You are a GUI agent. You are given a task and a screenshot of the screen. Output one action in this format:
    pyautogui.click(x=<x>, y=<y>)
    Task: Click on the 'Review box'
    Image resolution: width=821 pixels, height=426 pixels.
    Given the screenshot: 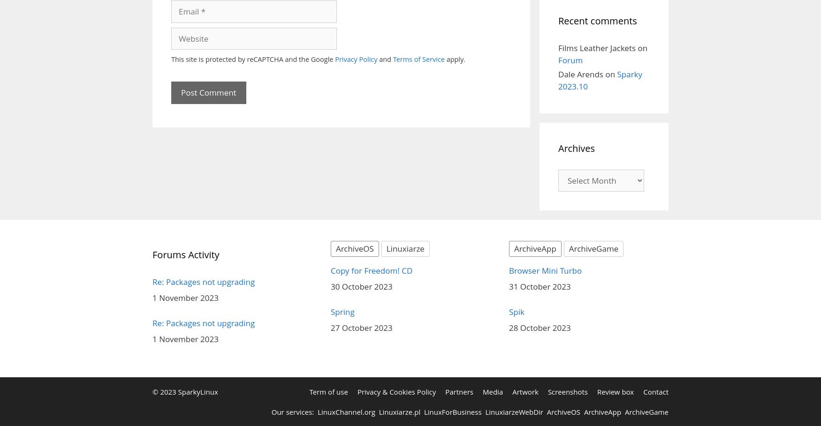 What is the action you would take?
    pyautogui.click(x=615, y=392)
    